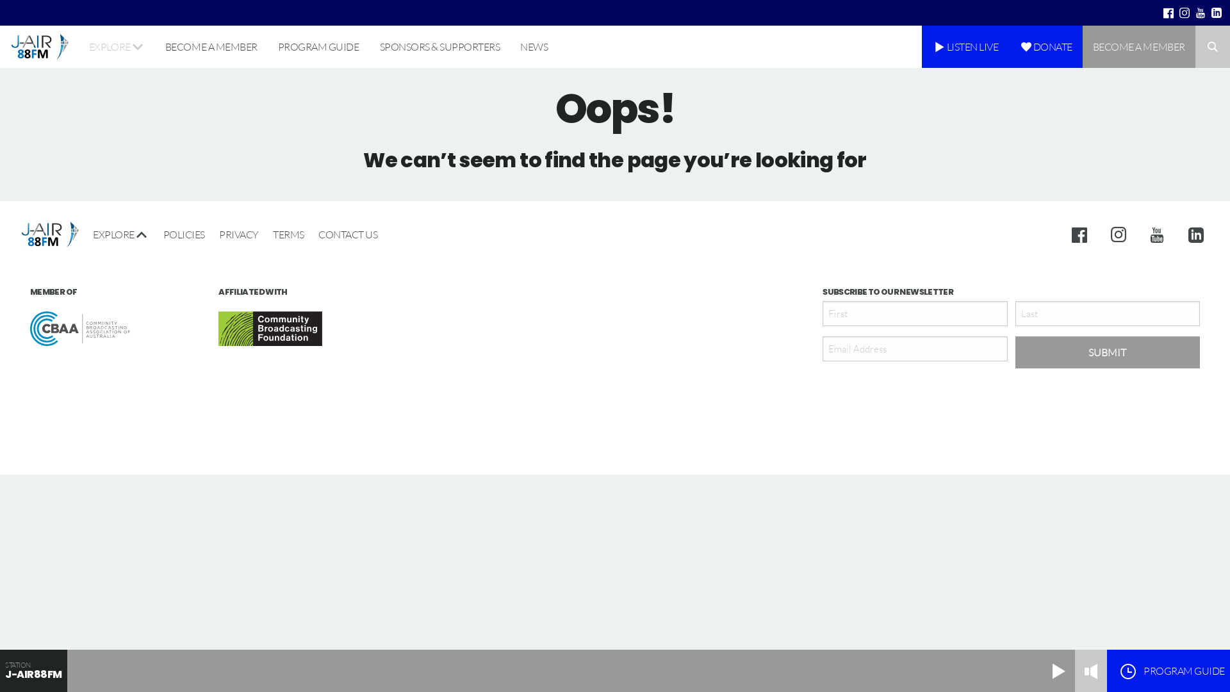  What do you see at coordinates (1138, 46) in the screenshot?
I see `'BECOME A MEMBER'` at bounding box center [1138, 46].